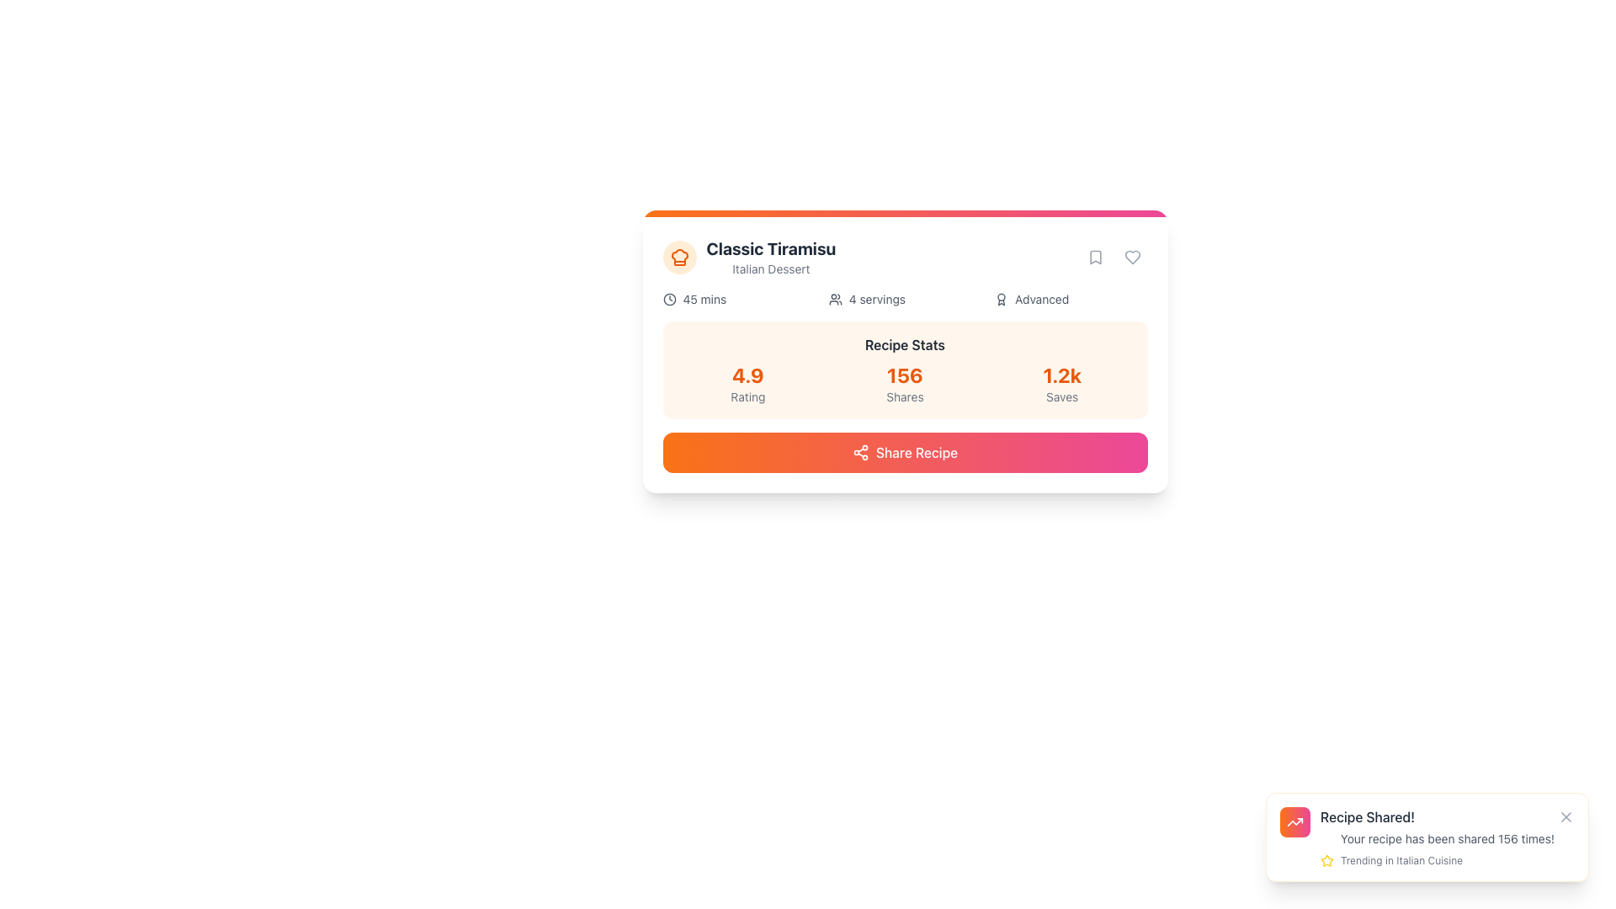 The height and width of the screenshot is (909, 1616). What do you see at coordinates (1401, 860) in the screenshot?
I see `Text label located in the bottom-right corner of the notification-style card, which provides context or category information related to the notification` at bounding box center [1401, 860].